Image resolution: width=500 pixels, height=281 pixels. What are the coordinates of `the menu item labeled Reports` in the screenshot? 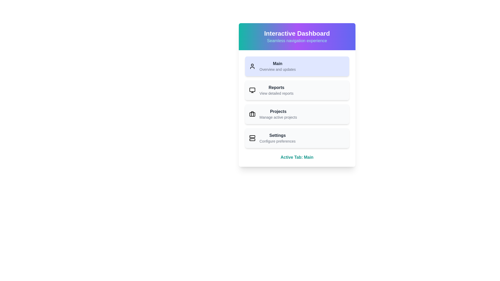 It's located at (297, 90).